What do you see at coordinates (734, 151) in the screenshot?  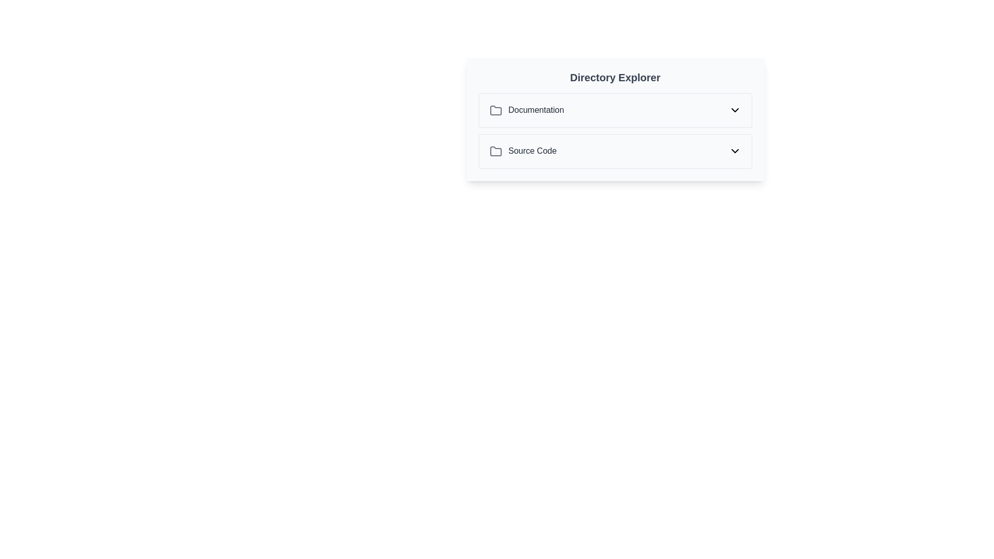 I see `the icon located on the right side of the 'Source Code' row in the 'Directory Explorer'` at bounding box center [734, 151].